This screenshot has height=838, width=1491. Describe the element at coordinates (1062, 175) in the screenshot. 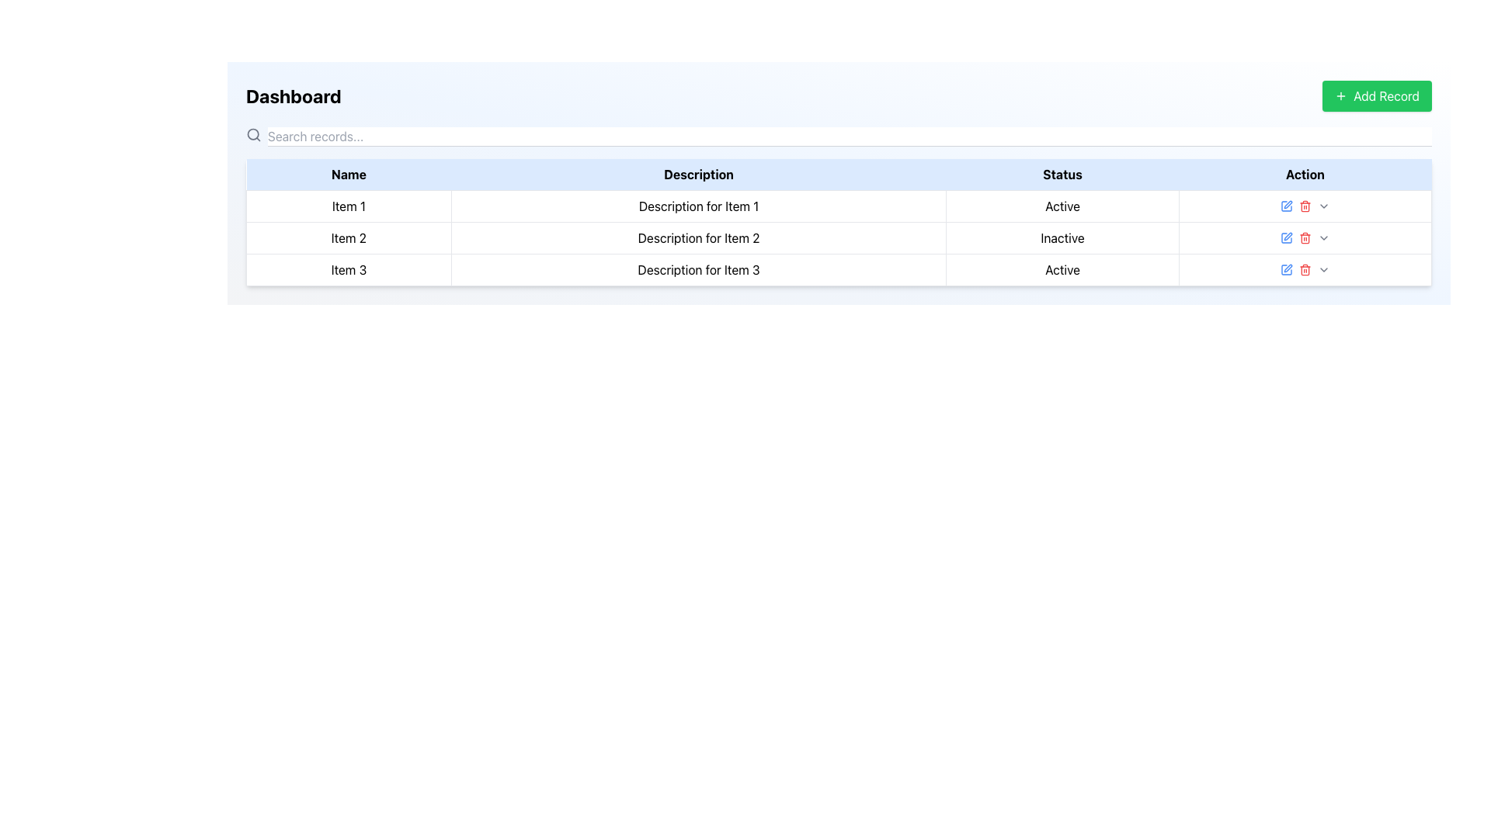

I see `the 'Status' table header, which is the third item from the left in a horizontally shaded rectangular column` at that location.